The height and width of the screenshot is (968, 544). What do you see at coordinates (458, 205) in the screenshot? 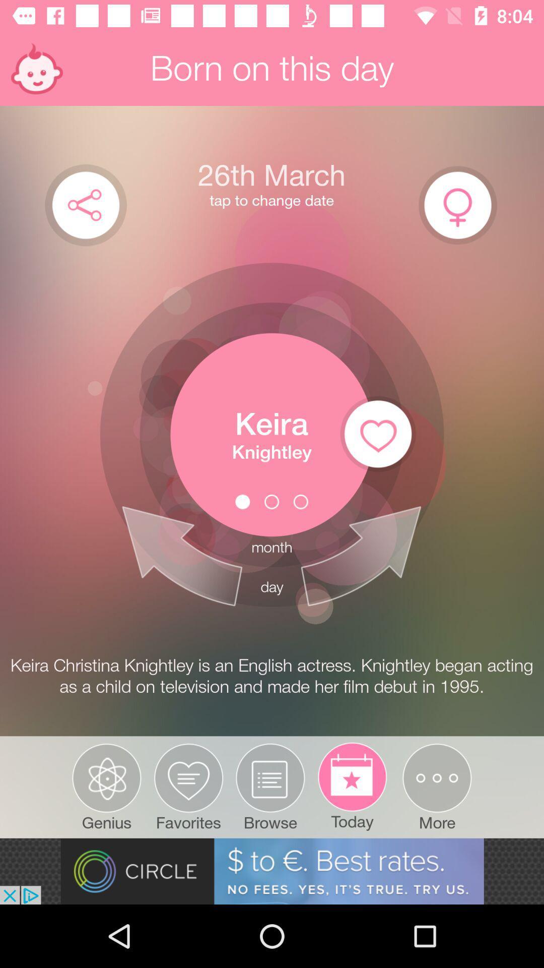
I see `the location icon` at bounding box center [458, 205].